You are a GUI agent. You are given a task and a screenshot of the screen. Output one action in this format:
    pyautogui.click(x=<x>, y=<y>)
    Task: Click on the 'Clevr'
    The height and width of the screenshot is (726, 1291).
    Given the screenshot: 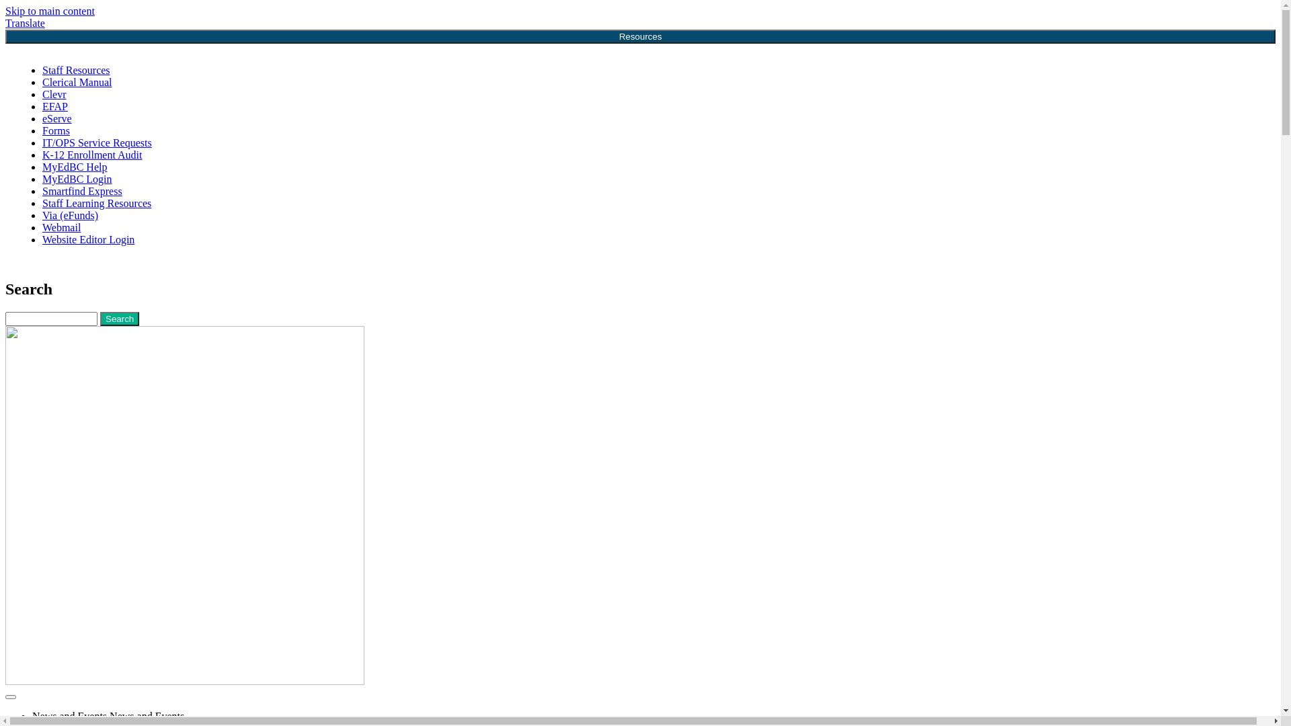 What is the action you would take?
    pyautogui.click(x=54, y=93)
    